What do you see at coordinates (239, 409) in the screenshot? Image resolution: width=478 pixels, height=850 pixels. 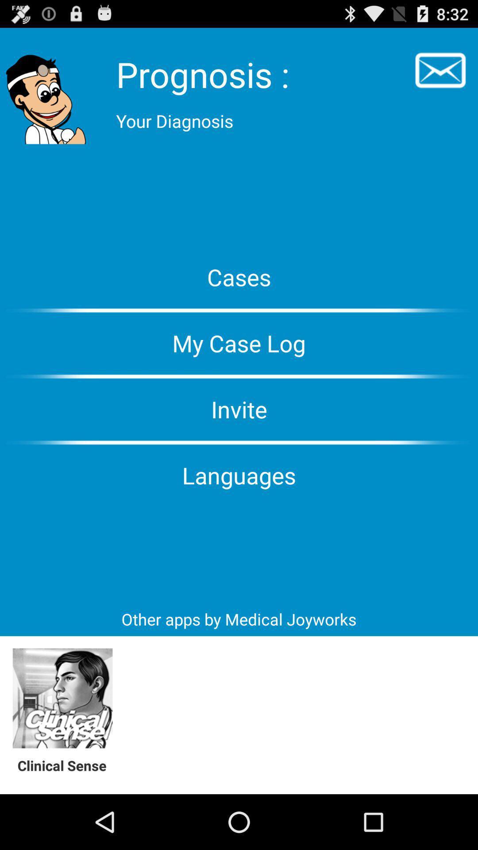 I see `the invite icon` at bounding box center [239, 409].